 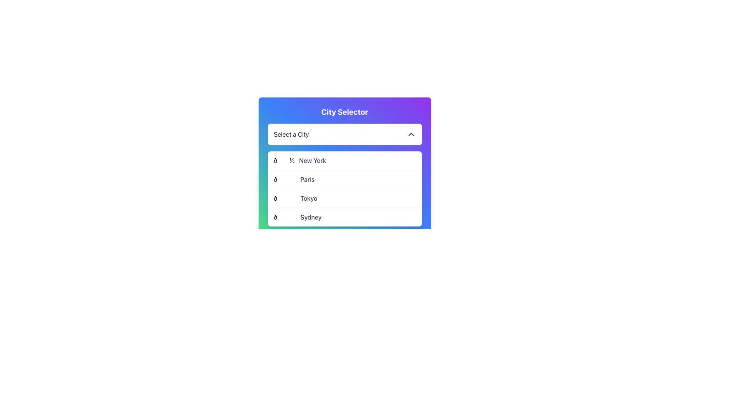 I want to click on the list item displaying '📷 New York' in the City Selector dropdown, so click(x=299, y=160).